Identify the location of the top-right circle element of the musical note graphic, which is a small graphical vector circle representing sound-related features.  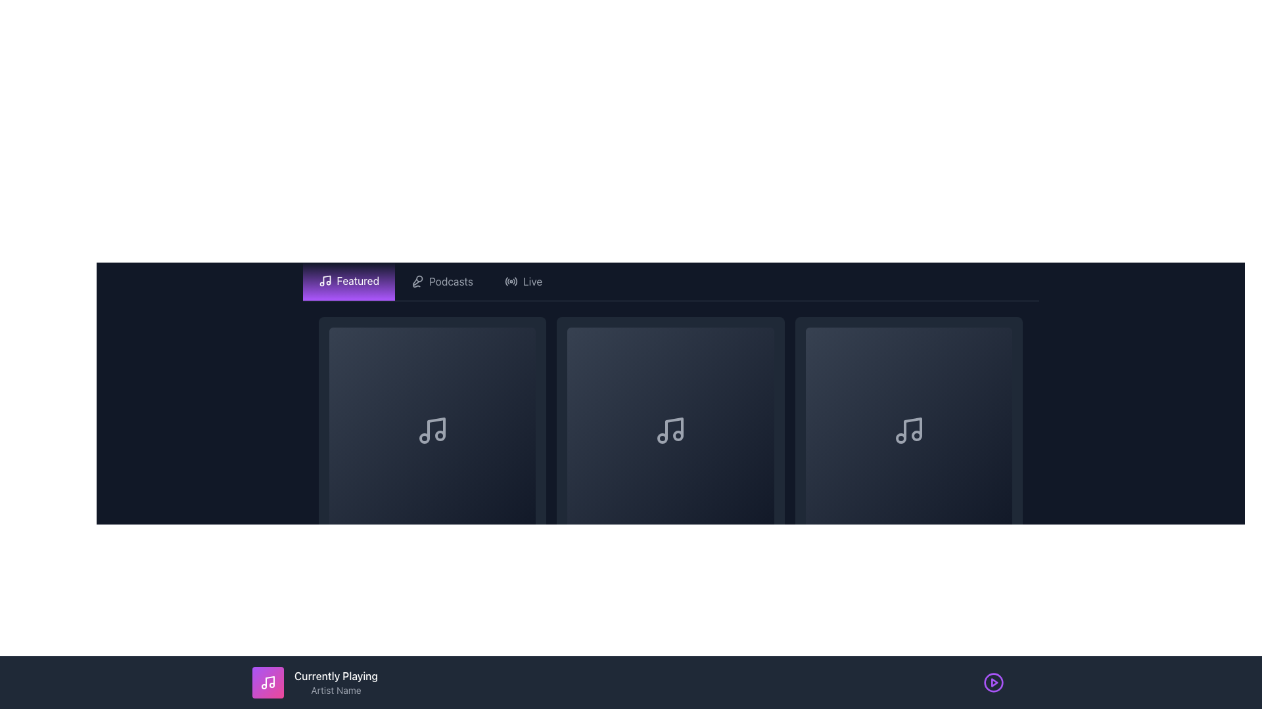
(916, 436).